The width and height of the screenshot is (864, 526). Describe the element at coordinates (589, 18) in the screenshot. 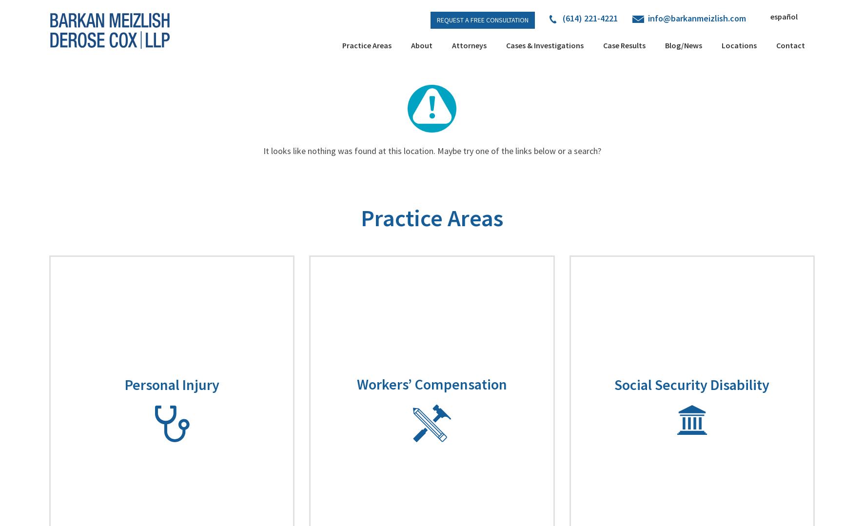

I see `'(614) 221-4221'` at that location.